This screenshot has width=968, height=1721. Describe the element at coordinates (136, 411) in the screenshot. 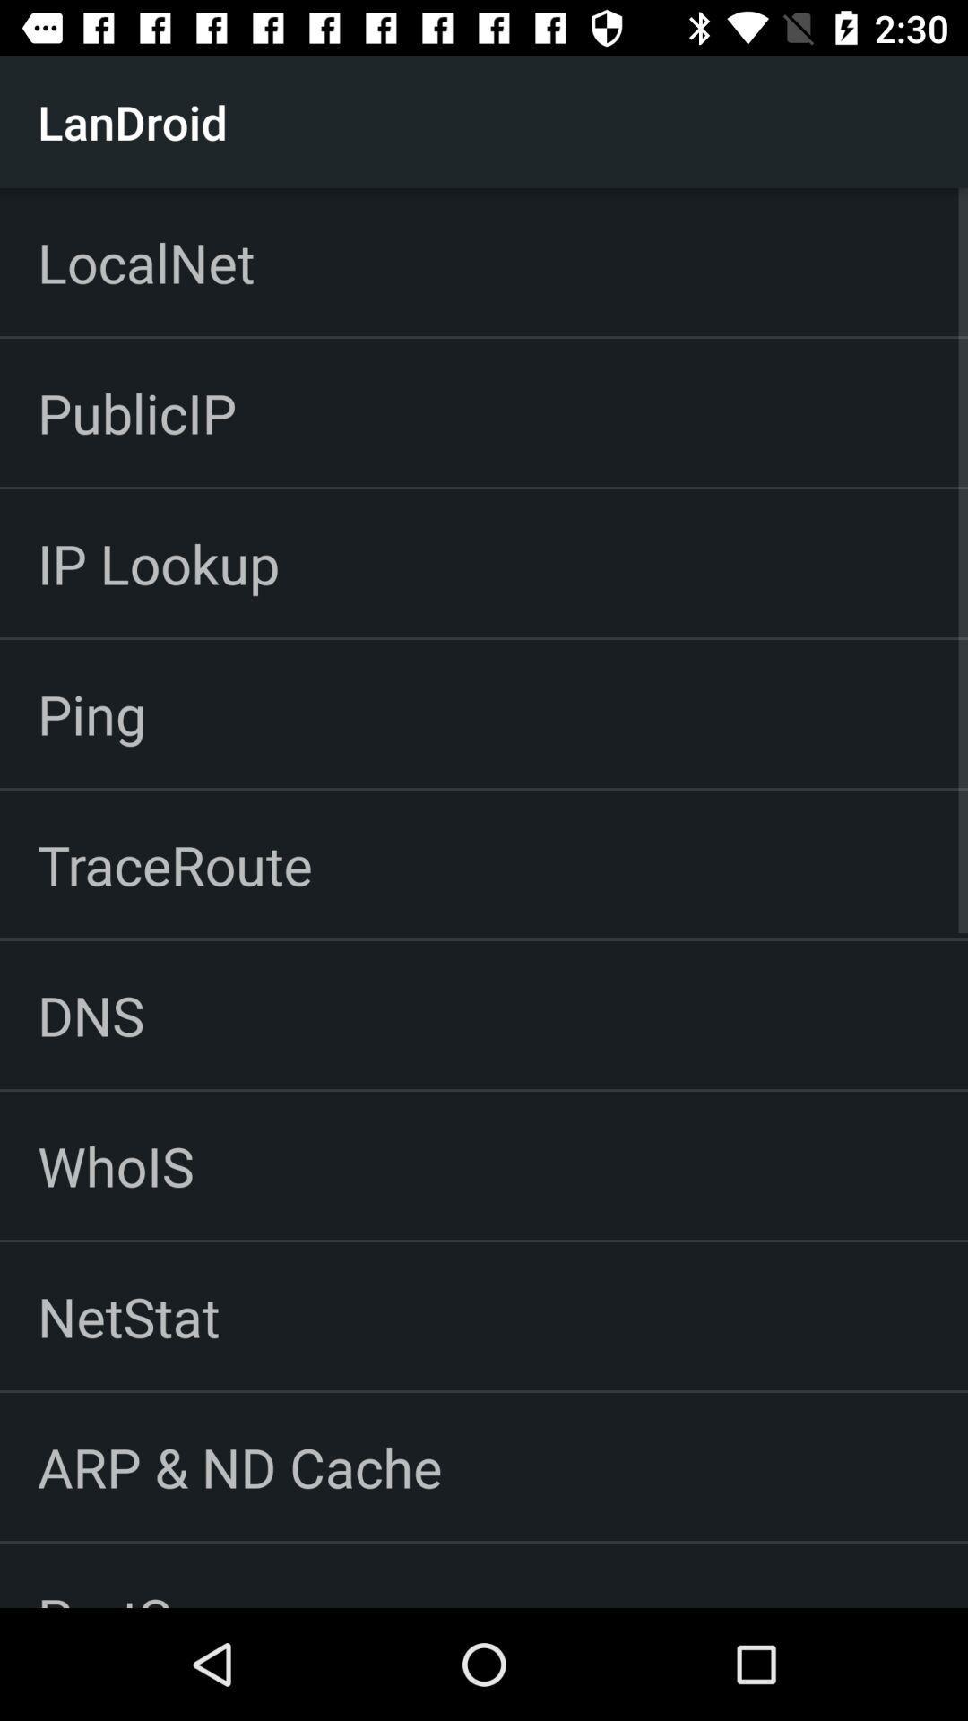

I see `the publicip icon` at that location.